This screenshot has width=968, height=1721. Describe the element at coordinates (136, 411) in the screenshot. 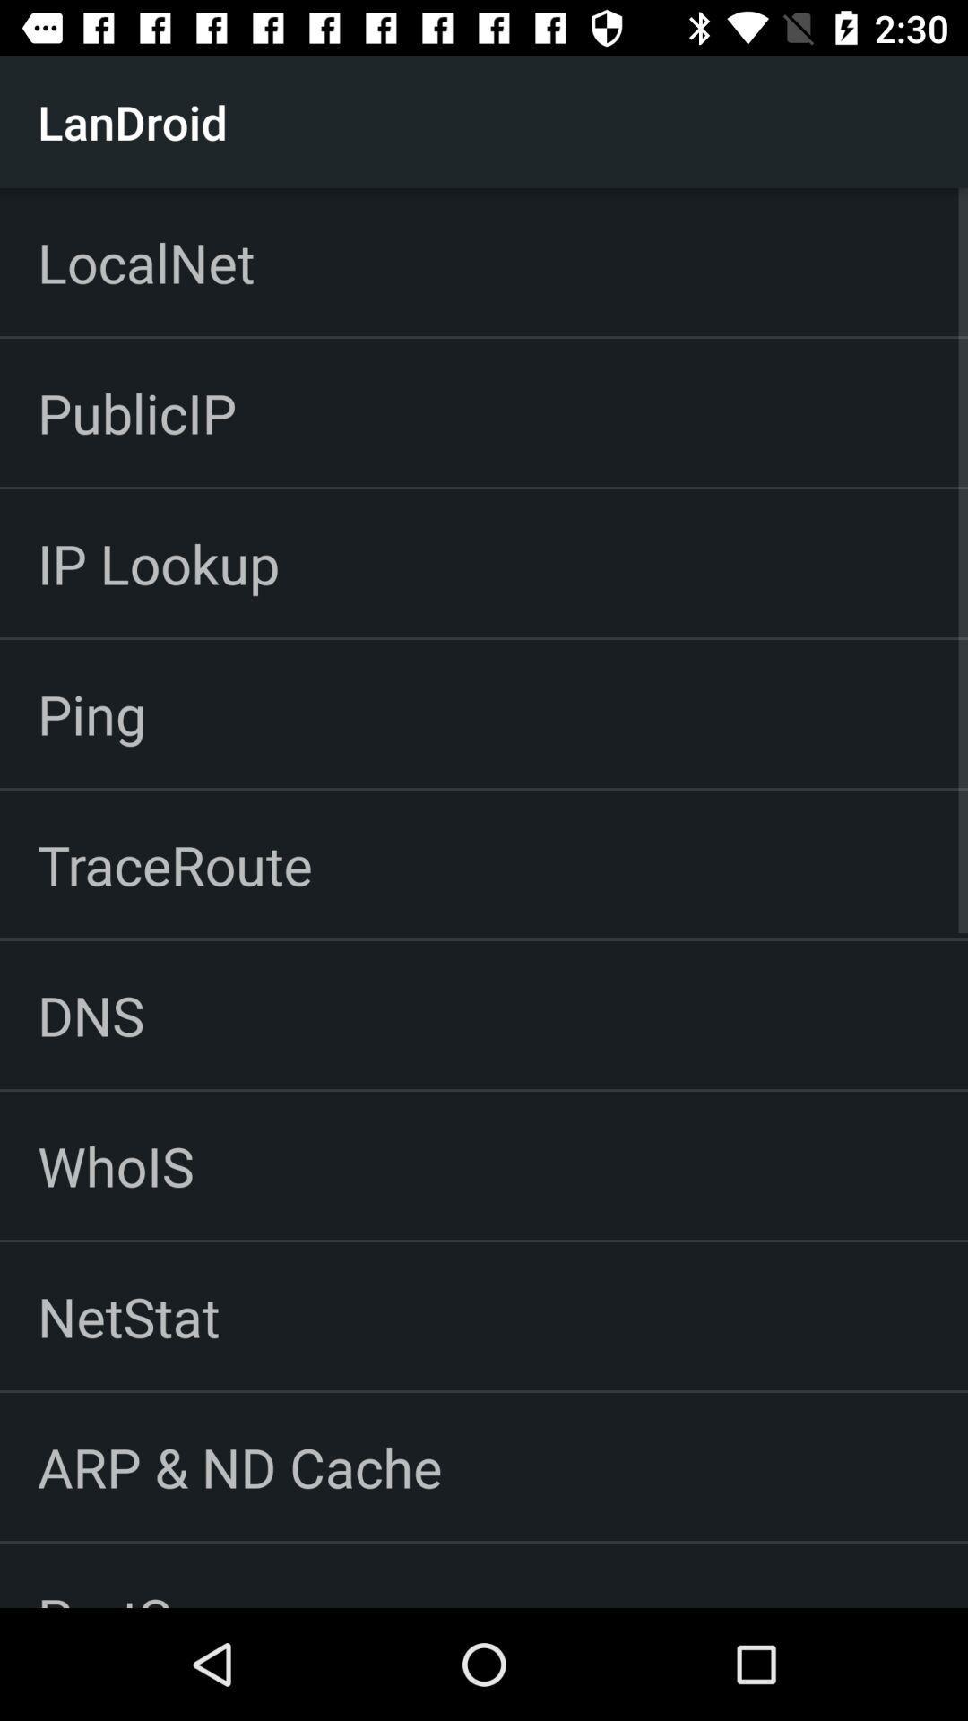

I see `the publicip icon` at that location.